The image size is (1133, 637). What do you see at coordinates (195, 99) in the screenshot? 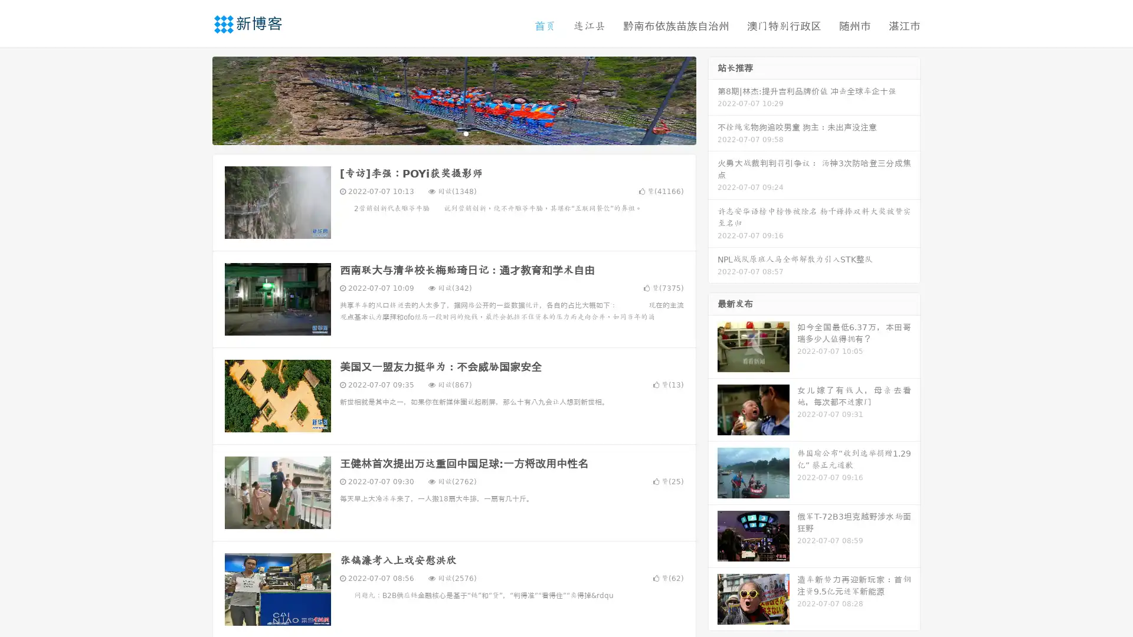
I see `Previous slide` at bounding box center [195, 99].